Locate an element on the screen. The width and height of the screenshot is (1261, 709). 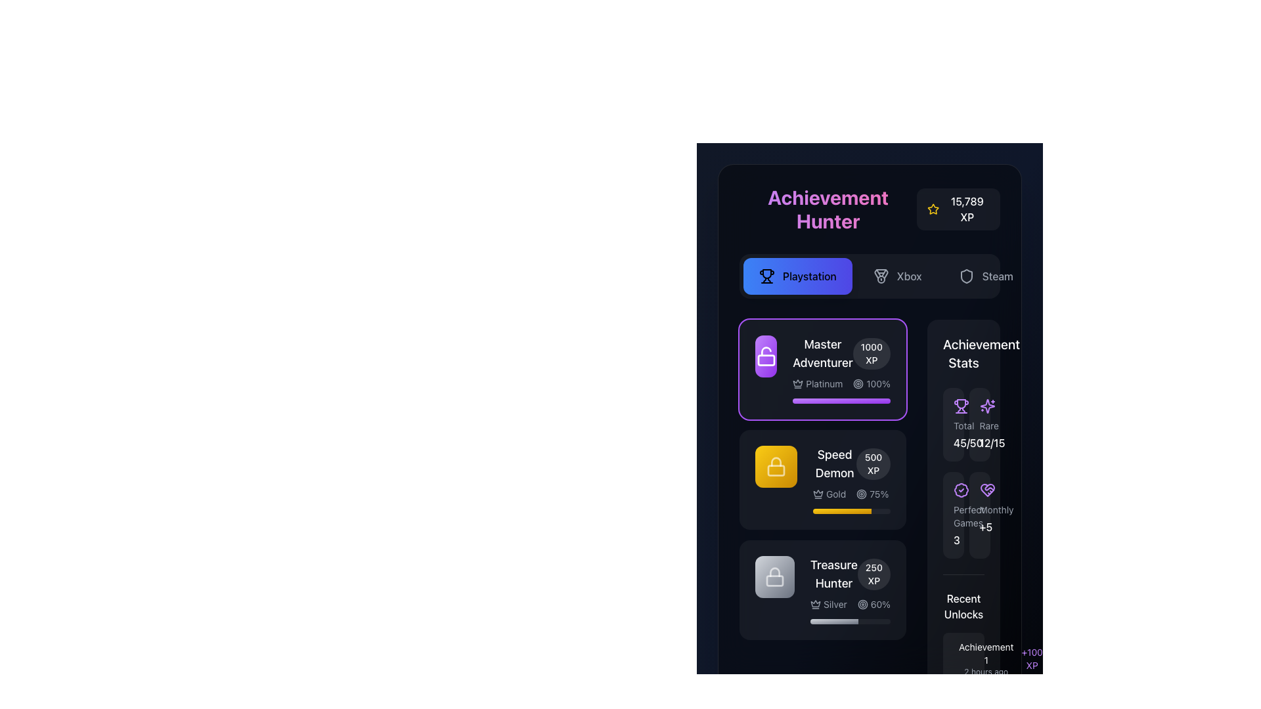
the Informational display titled 'Speed Demon' which shows the score label '500 XP', located within the second card of achievements is located at coordinates (851, 463).